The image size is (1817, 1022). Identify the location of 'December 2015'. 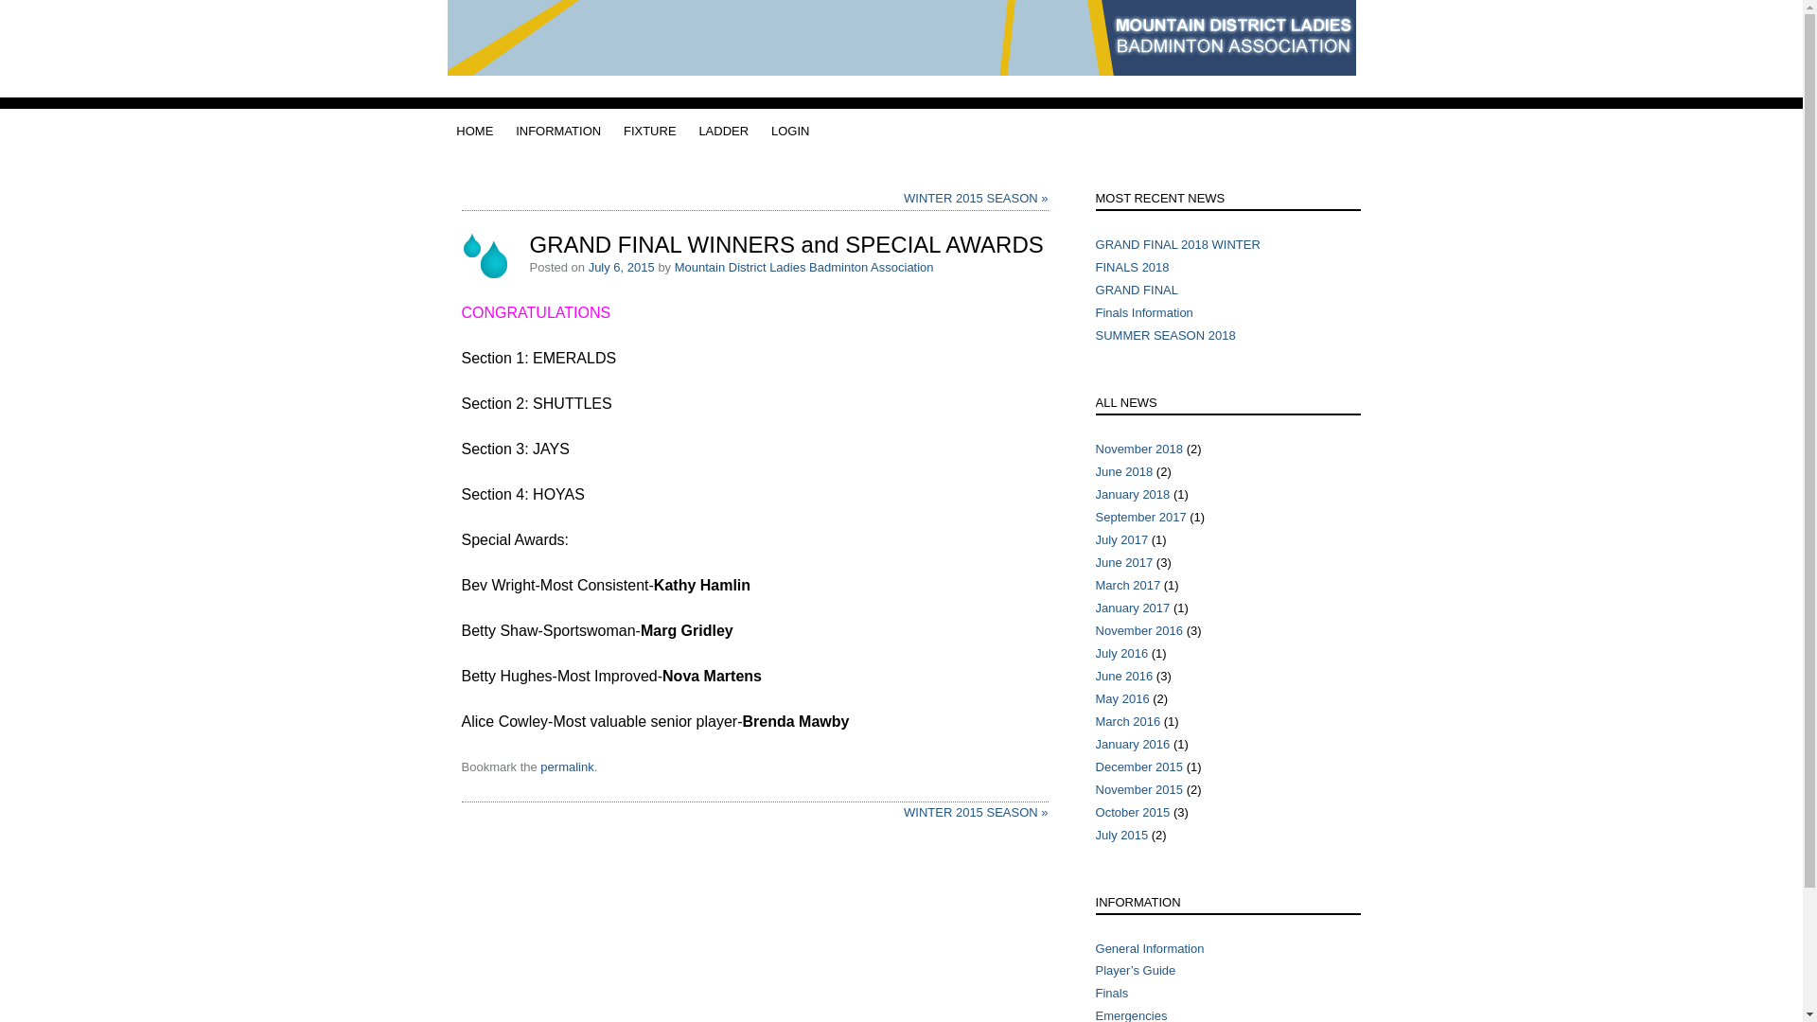
(1138, 766).